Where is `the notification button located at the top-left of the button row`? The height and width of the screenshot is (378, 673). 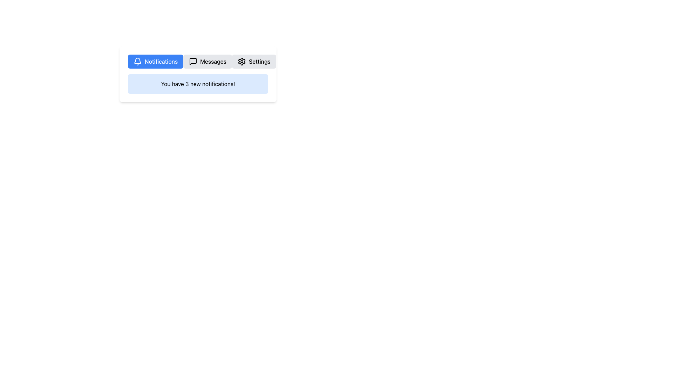 the notification button located at the top-left of the button row is located at coordinates (155, 61).